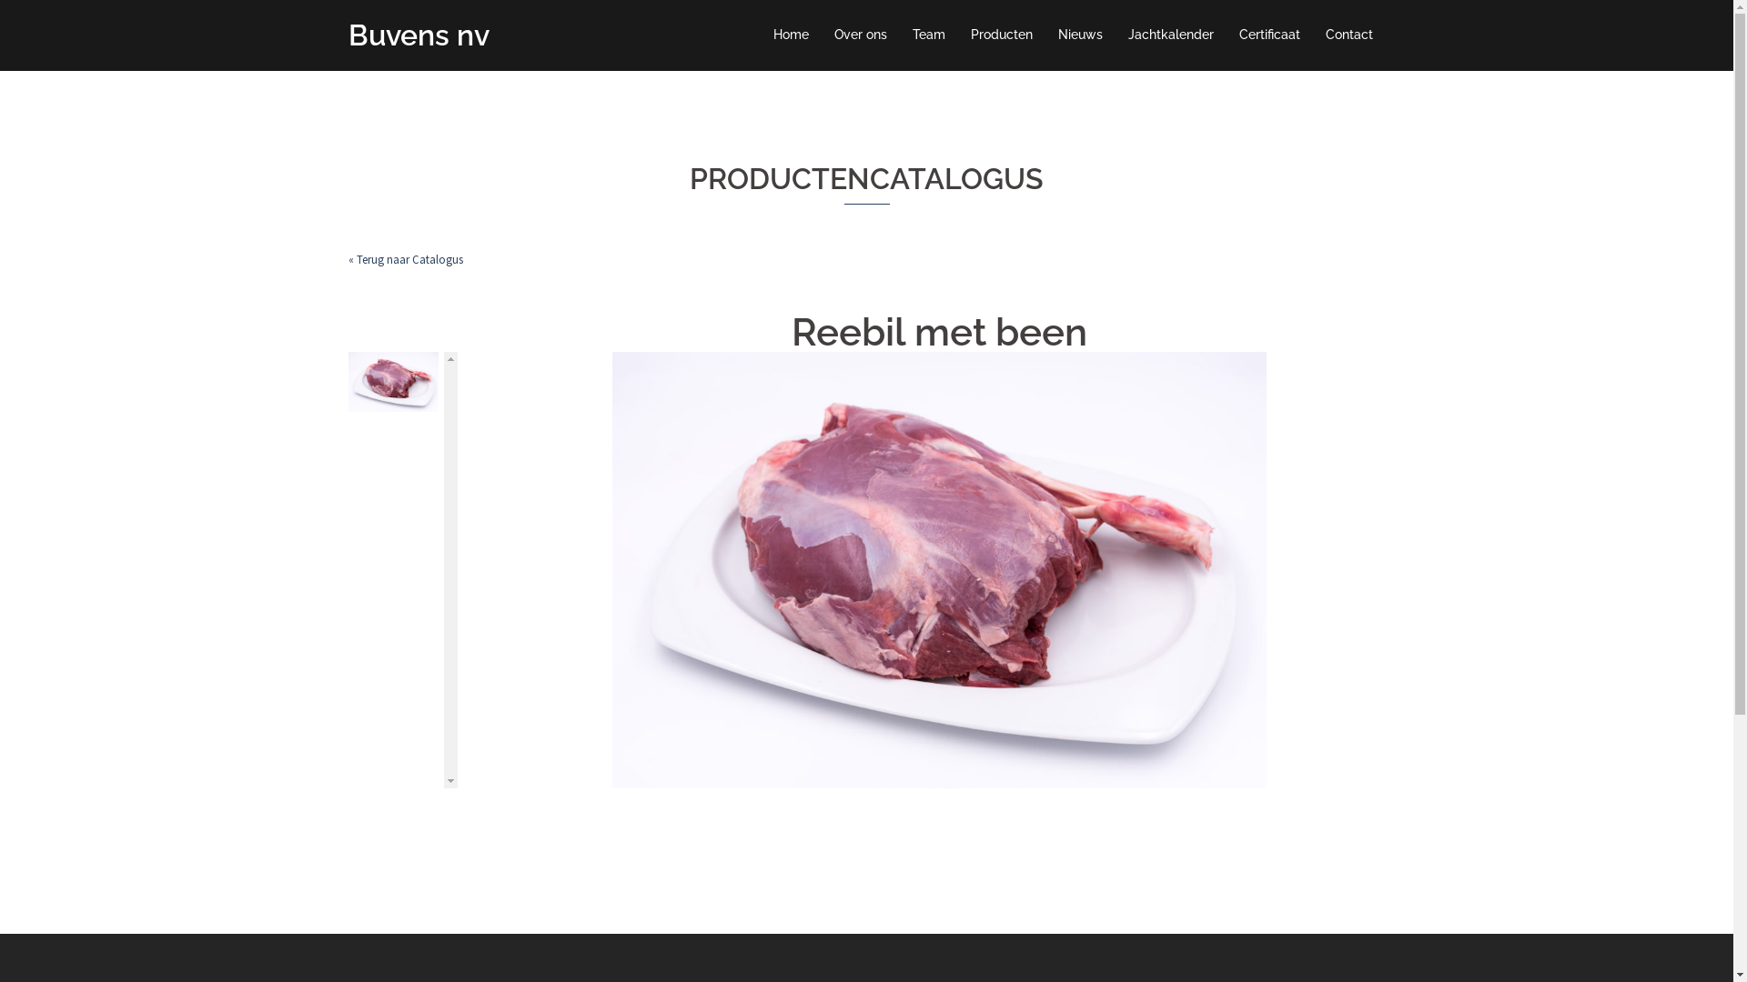  What do you see at coordinates (1126, 35) in the screenshot?
I see `'Jachtkalender'` at bounding box center [1126, 35].